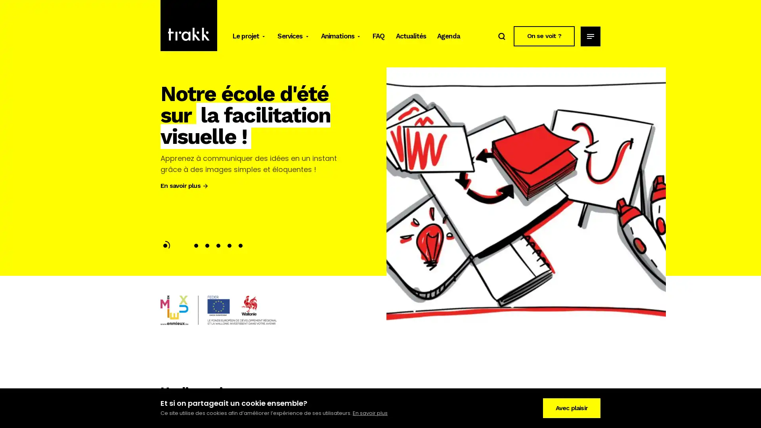 This screenshot has width=761, height=428. What do you see at coordinates (176, 245) in the screenshot?
I see `Slide 2` at bounding box center [176, 245].